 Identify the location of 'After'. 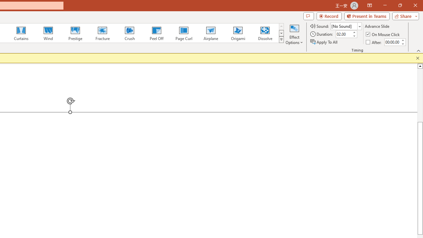
(374, 42).